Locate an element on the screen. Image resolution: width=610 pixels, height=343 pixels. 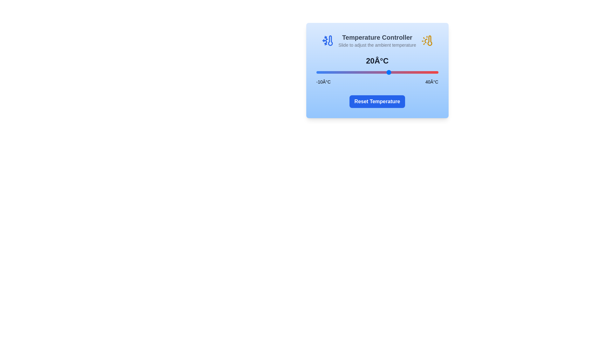
the static text label indicating the lowest temperature value in the temperature control component, which is located at the far left of the horizontal arrangement is located at coordinates (323, 82).